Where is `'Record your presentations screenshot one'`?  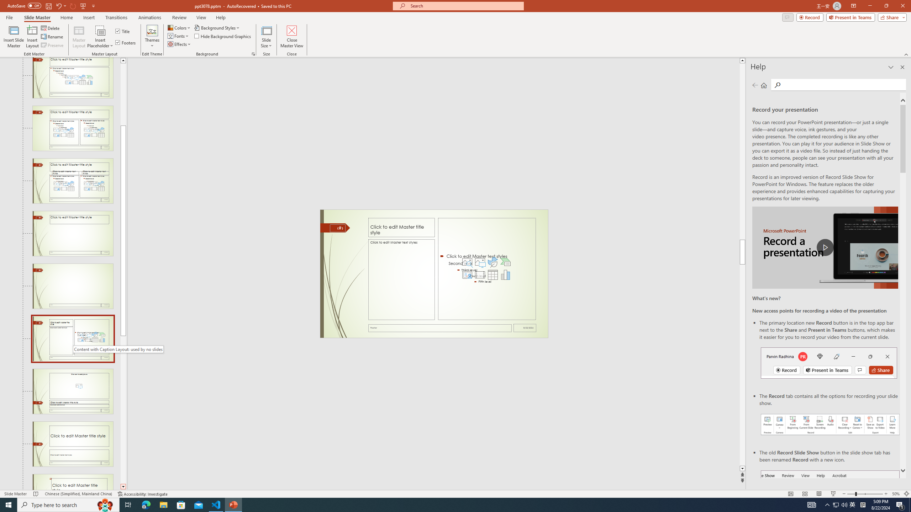
'Record your presentations screenshot one' is located at coordinates (830, 424).